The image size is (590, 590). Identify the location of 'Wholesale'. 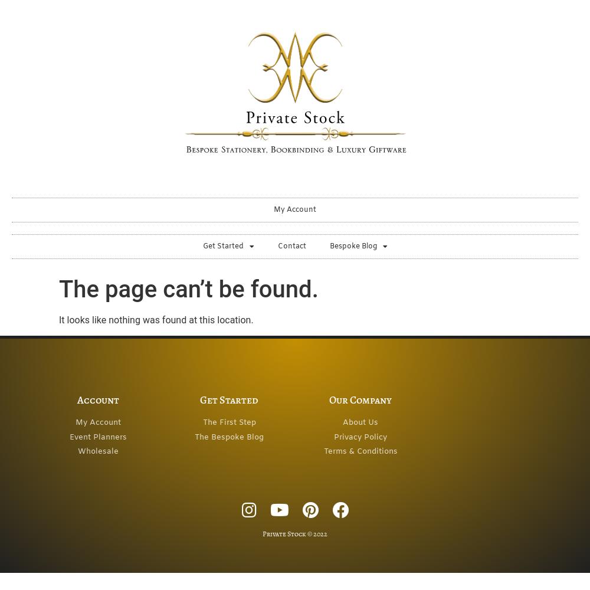
(77, 451).